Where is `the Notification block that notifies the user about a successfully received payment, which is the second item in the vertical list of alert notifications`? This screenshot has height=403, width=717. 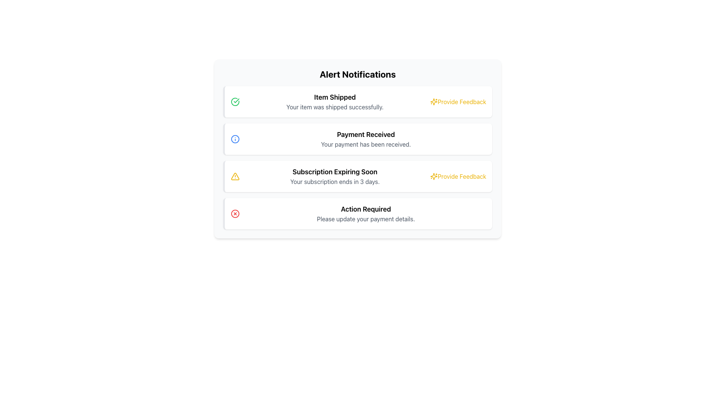
the Notification block that notifies the user about a successfully received payment, which is the second item in the vertical list of alert notifications is located at coordinates (366, 139).